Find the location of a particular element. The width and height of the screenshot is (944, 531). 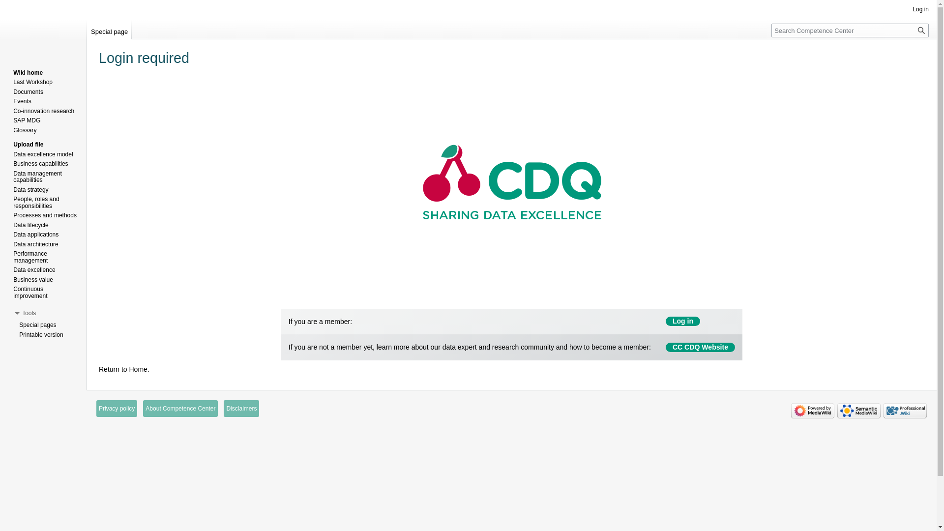

'Continuous improvement' is located at coordinates (30, 292).